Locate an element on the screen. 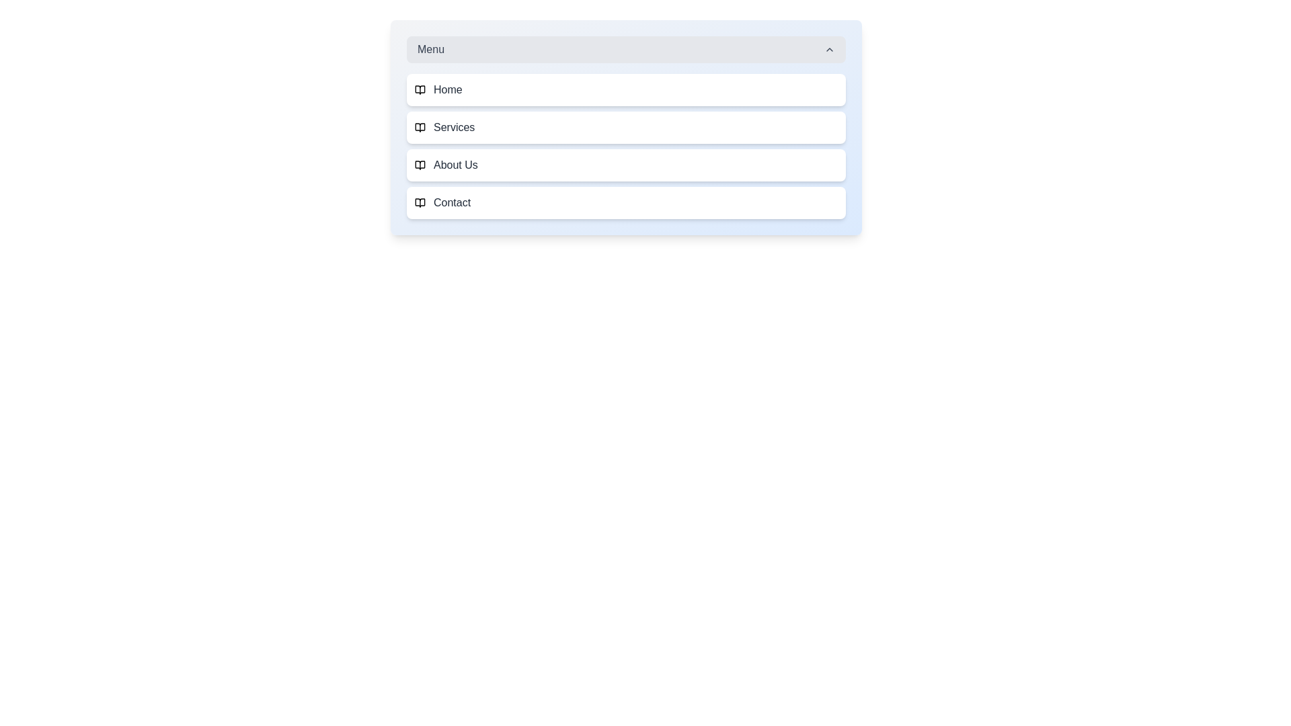 This screenshot has height=726, width=1291. the open book icon in the 'Contact' menu item, which is located towards the left of the text label is located at coordinates (419, 202).